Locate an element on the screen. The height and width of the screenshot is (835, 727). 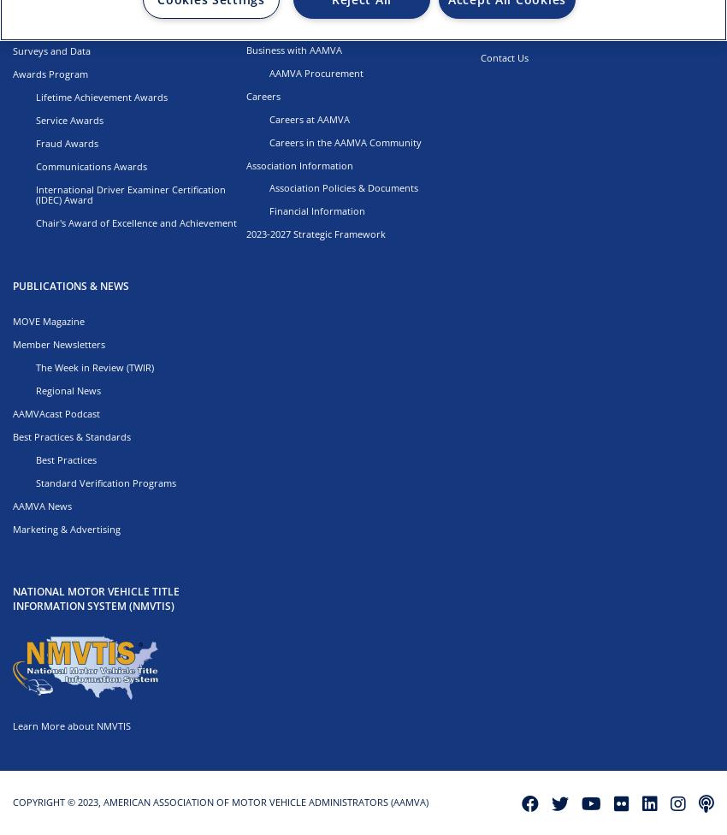
'NATIONAL MOTOR VEHICLE TITLE INFORMATION SYSTEM (NMVTIS)' is located at coordinates (95, 597).